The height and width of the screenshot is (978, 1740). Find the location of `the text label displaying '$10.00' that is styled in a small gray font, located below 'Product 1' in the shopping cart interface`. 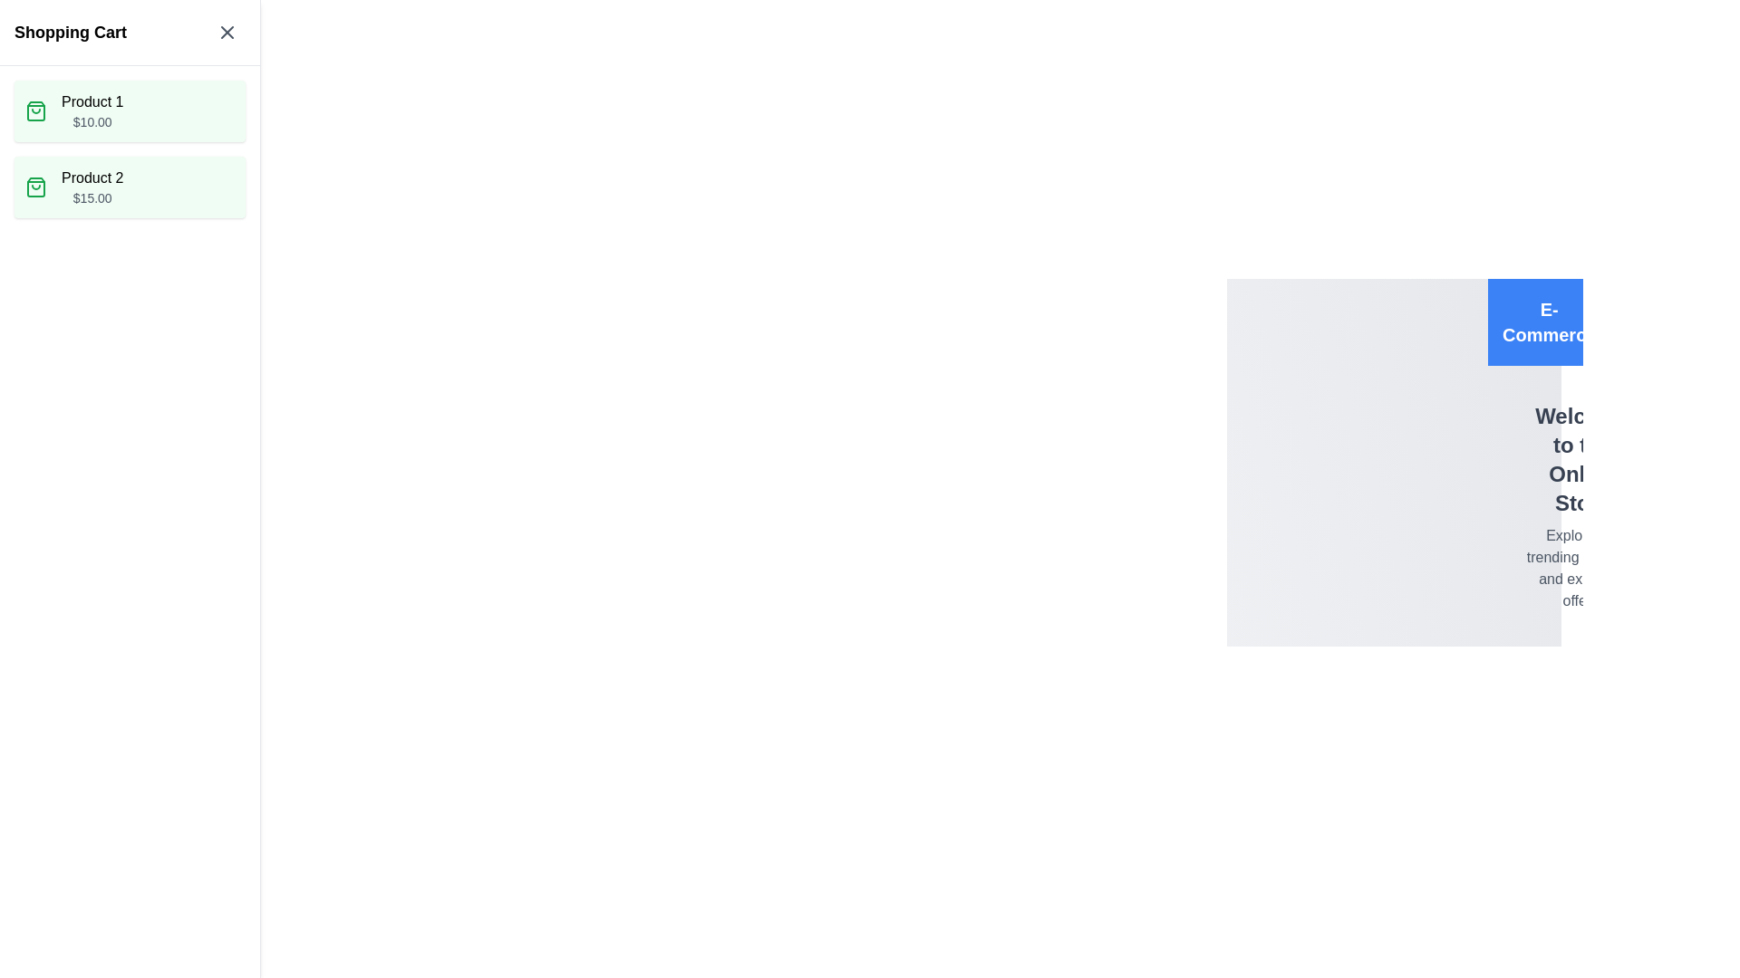

the text label displaying '$10.00' that is styled in a small gray font, located below 'Product 1' in the shopping cart interface is located at coordinates (92, 122).